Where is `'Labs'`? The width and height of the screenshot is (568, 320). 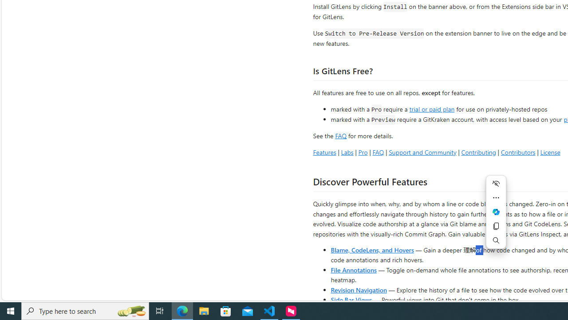 'Labs' is located at coordinates (347, 152).